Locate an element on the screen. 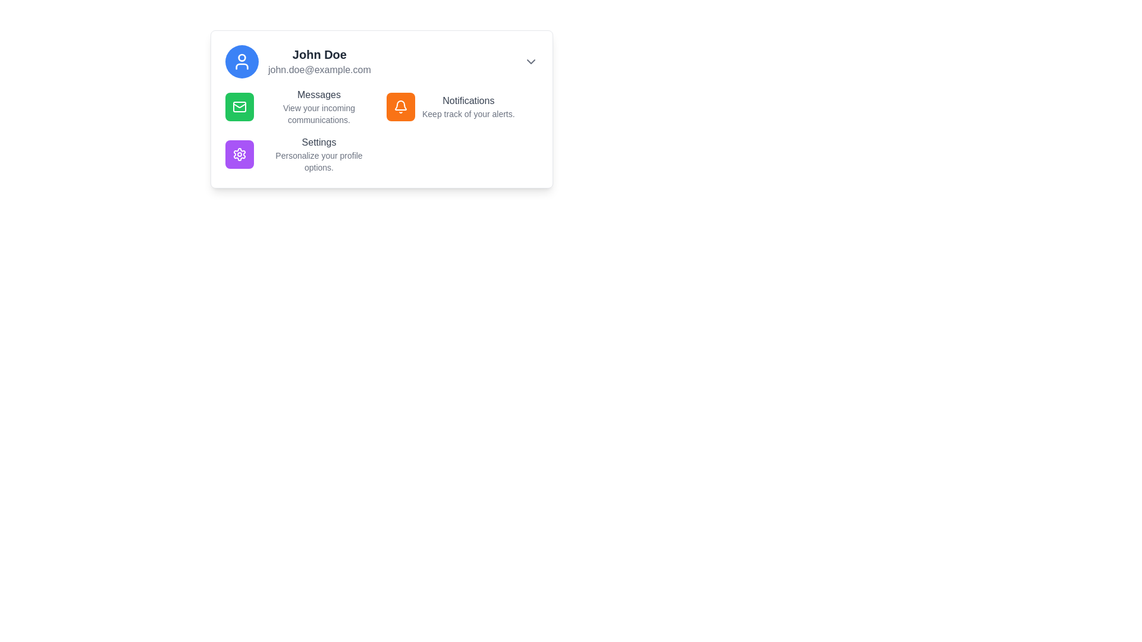 Image resolution: width=1142 pixels, height=642 pixels. the 'Notifications' text label, which is styled in bold gray font and positioned next to an orange bell icon in the middle section of the interface is located at coordinates (468, 100).